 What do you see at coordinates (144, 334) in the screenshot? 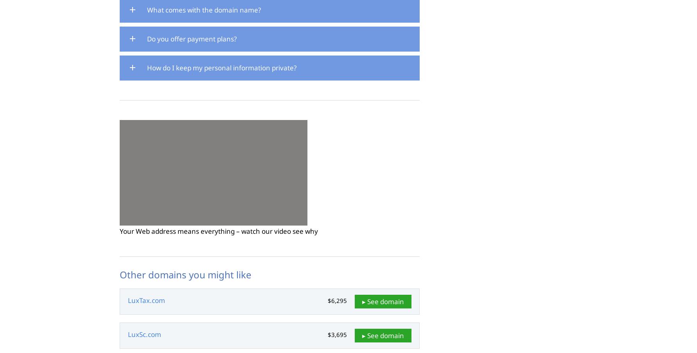
I see `'LuxSc.com'` at bounding box center [144, 334].